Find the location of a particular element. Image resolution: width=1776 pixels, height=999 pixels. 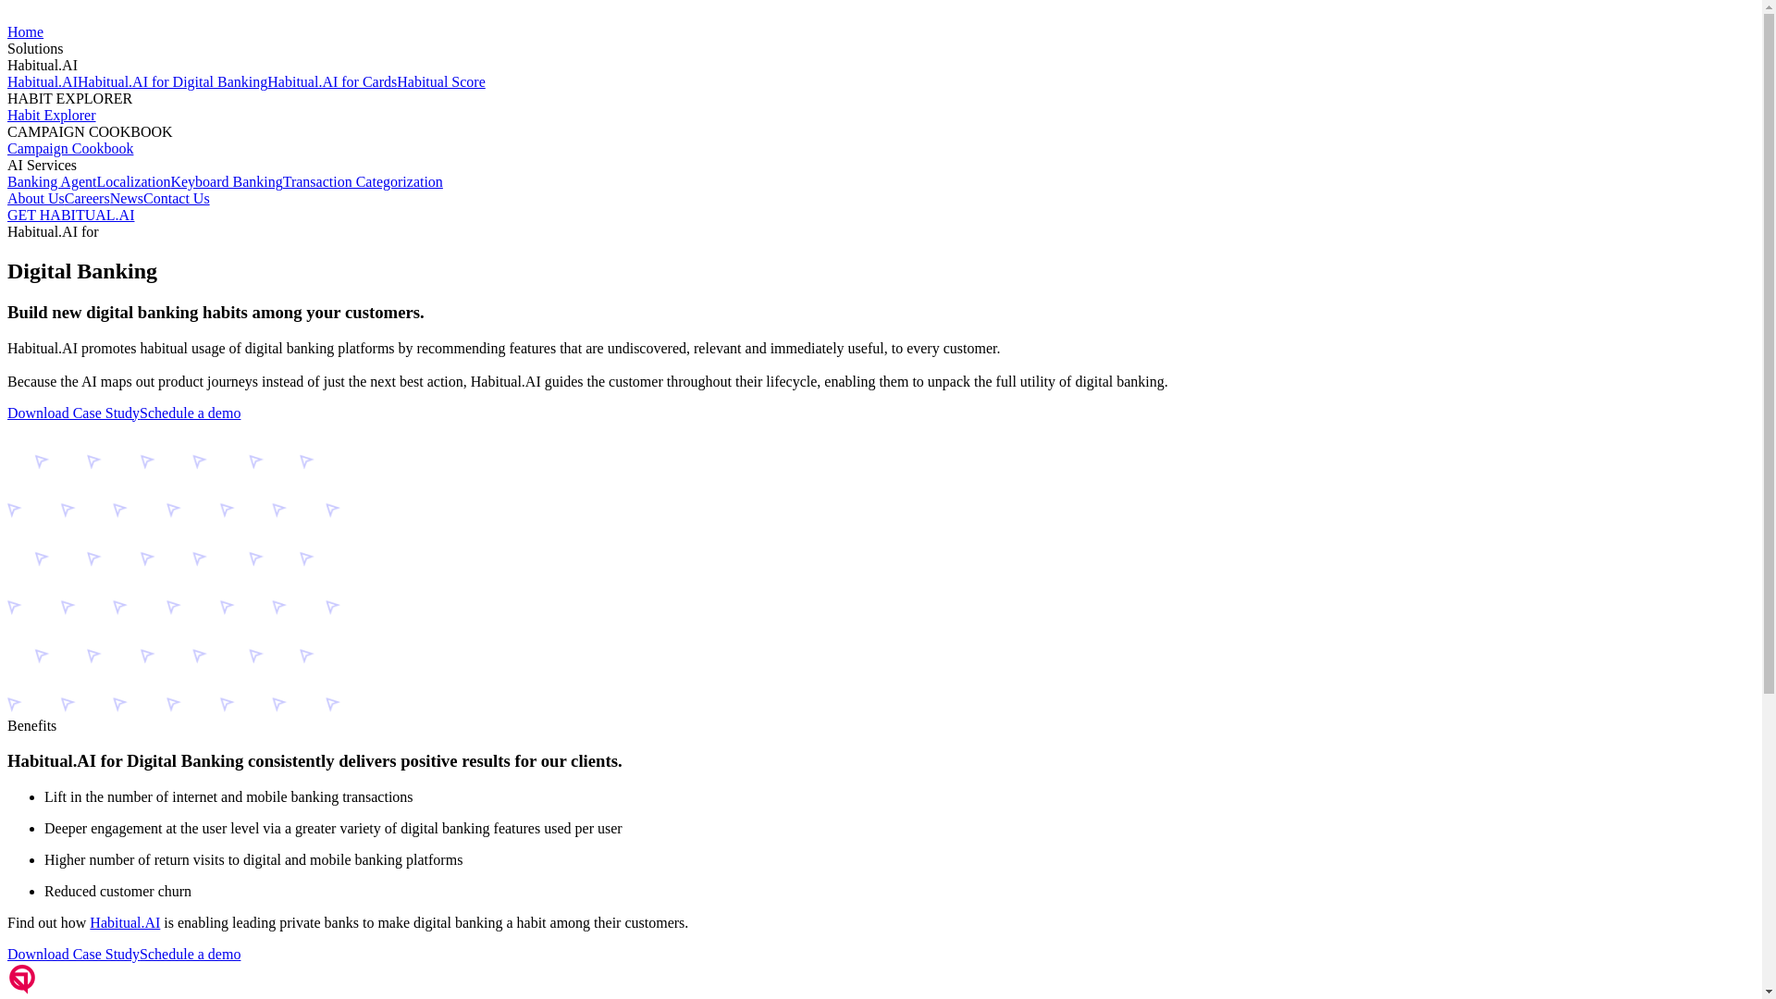

'News' is located at coordinates (126, 198).